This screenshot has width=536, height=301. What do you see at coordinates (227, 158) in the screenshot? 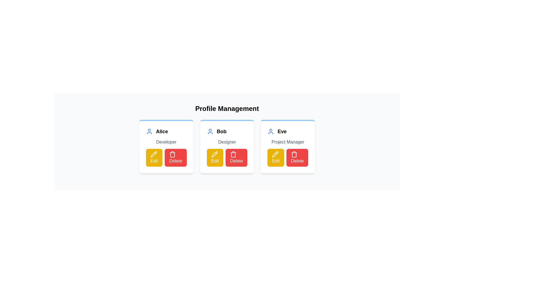
I see `the 'Delete' button` at bounding box center [227, 158].